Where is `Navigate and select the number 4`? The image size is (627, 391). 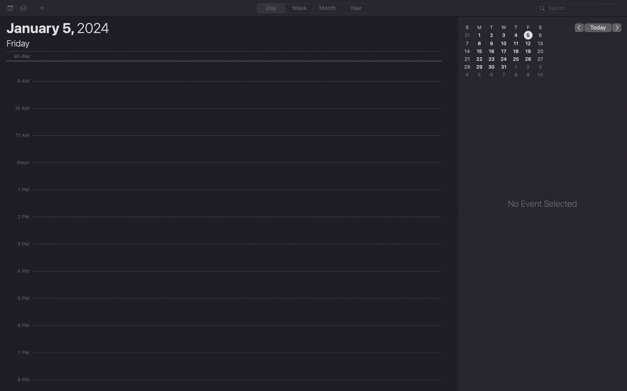 Navigate and select the number 4 is located at coordinates (515, 35).